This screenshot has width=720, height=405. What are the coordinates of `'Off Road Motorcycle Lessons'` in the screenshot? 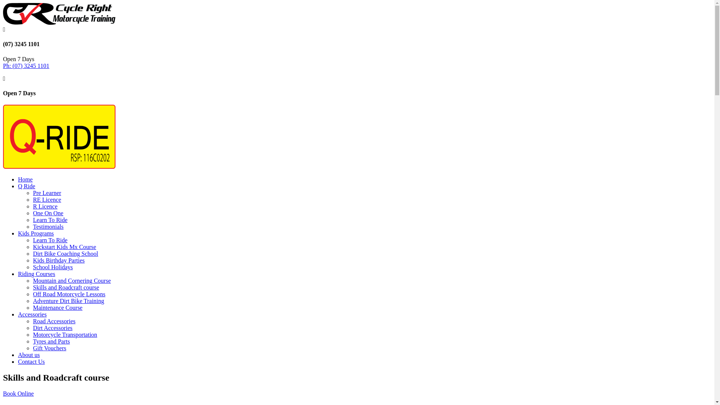 It's located at (69, 294).